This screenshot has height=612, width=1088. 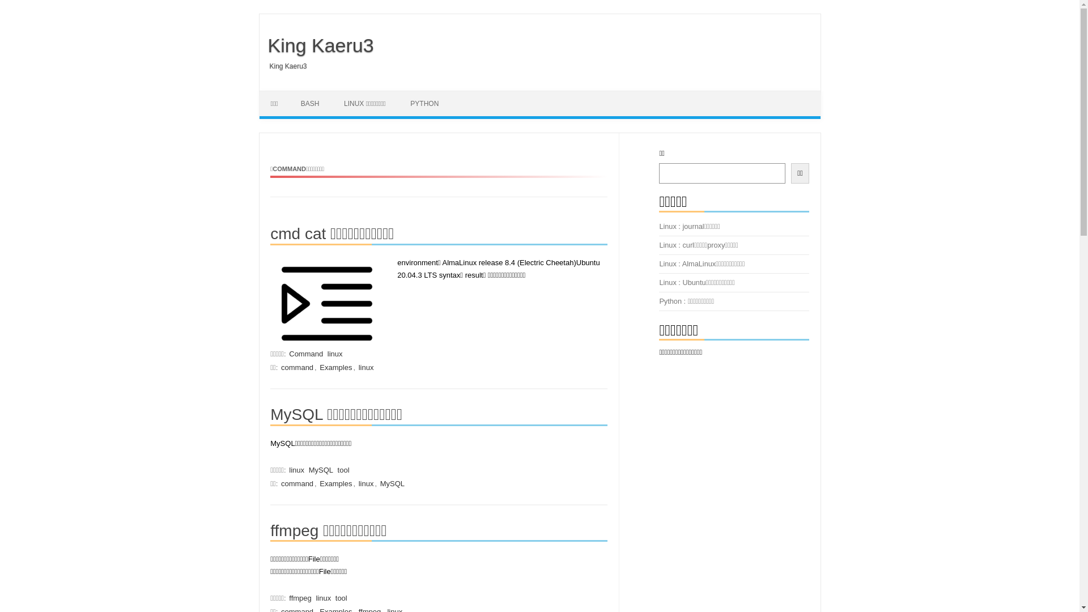 I want to click on 'BASH', so click(x=310, y=103).